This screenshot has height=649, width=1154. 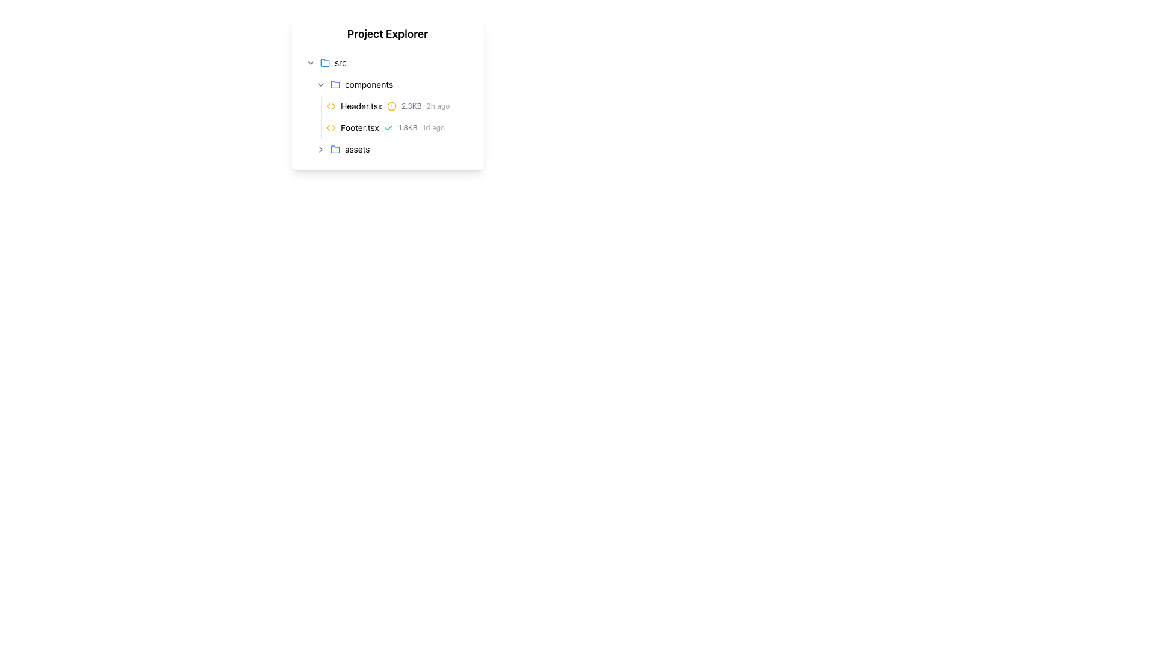 I want to click on the individual file or folder names in the vertical list of the file explorer interface, specifically located under the 'Project Explorer' section, so click(x=387, y=106).